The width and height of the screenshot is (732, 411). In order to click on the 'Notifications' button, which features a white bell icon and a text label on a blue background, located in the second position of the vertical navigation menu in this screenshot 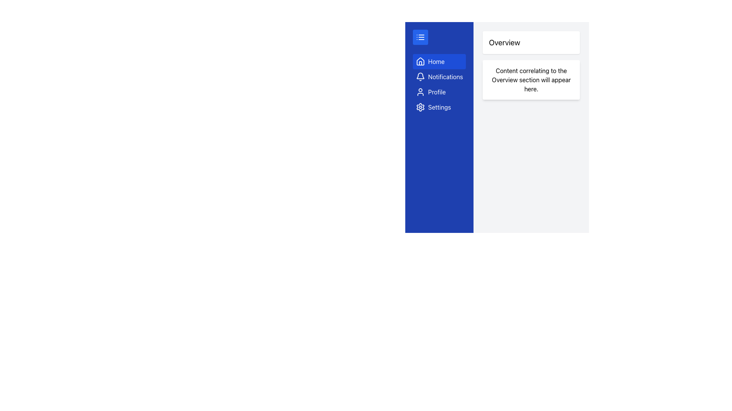, I will do `click(439, 76)`.